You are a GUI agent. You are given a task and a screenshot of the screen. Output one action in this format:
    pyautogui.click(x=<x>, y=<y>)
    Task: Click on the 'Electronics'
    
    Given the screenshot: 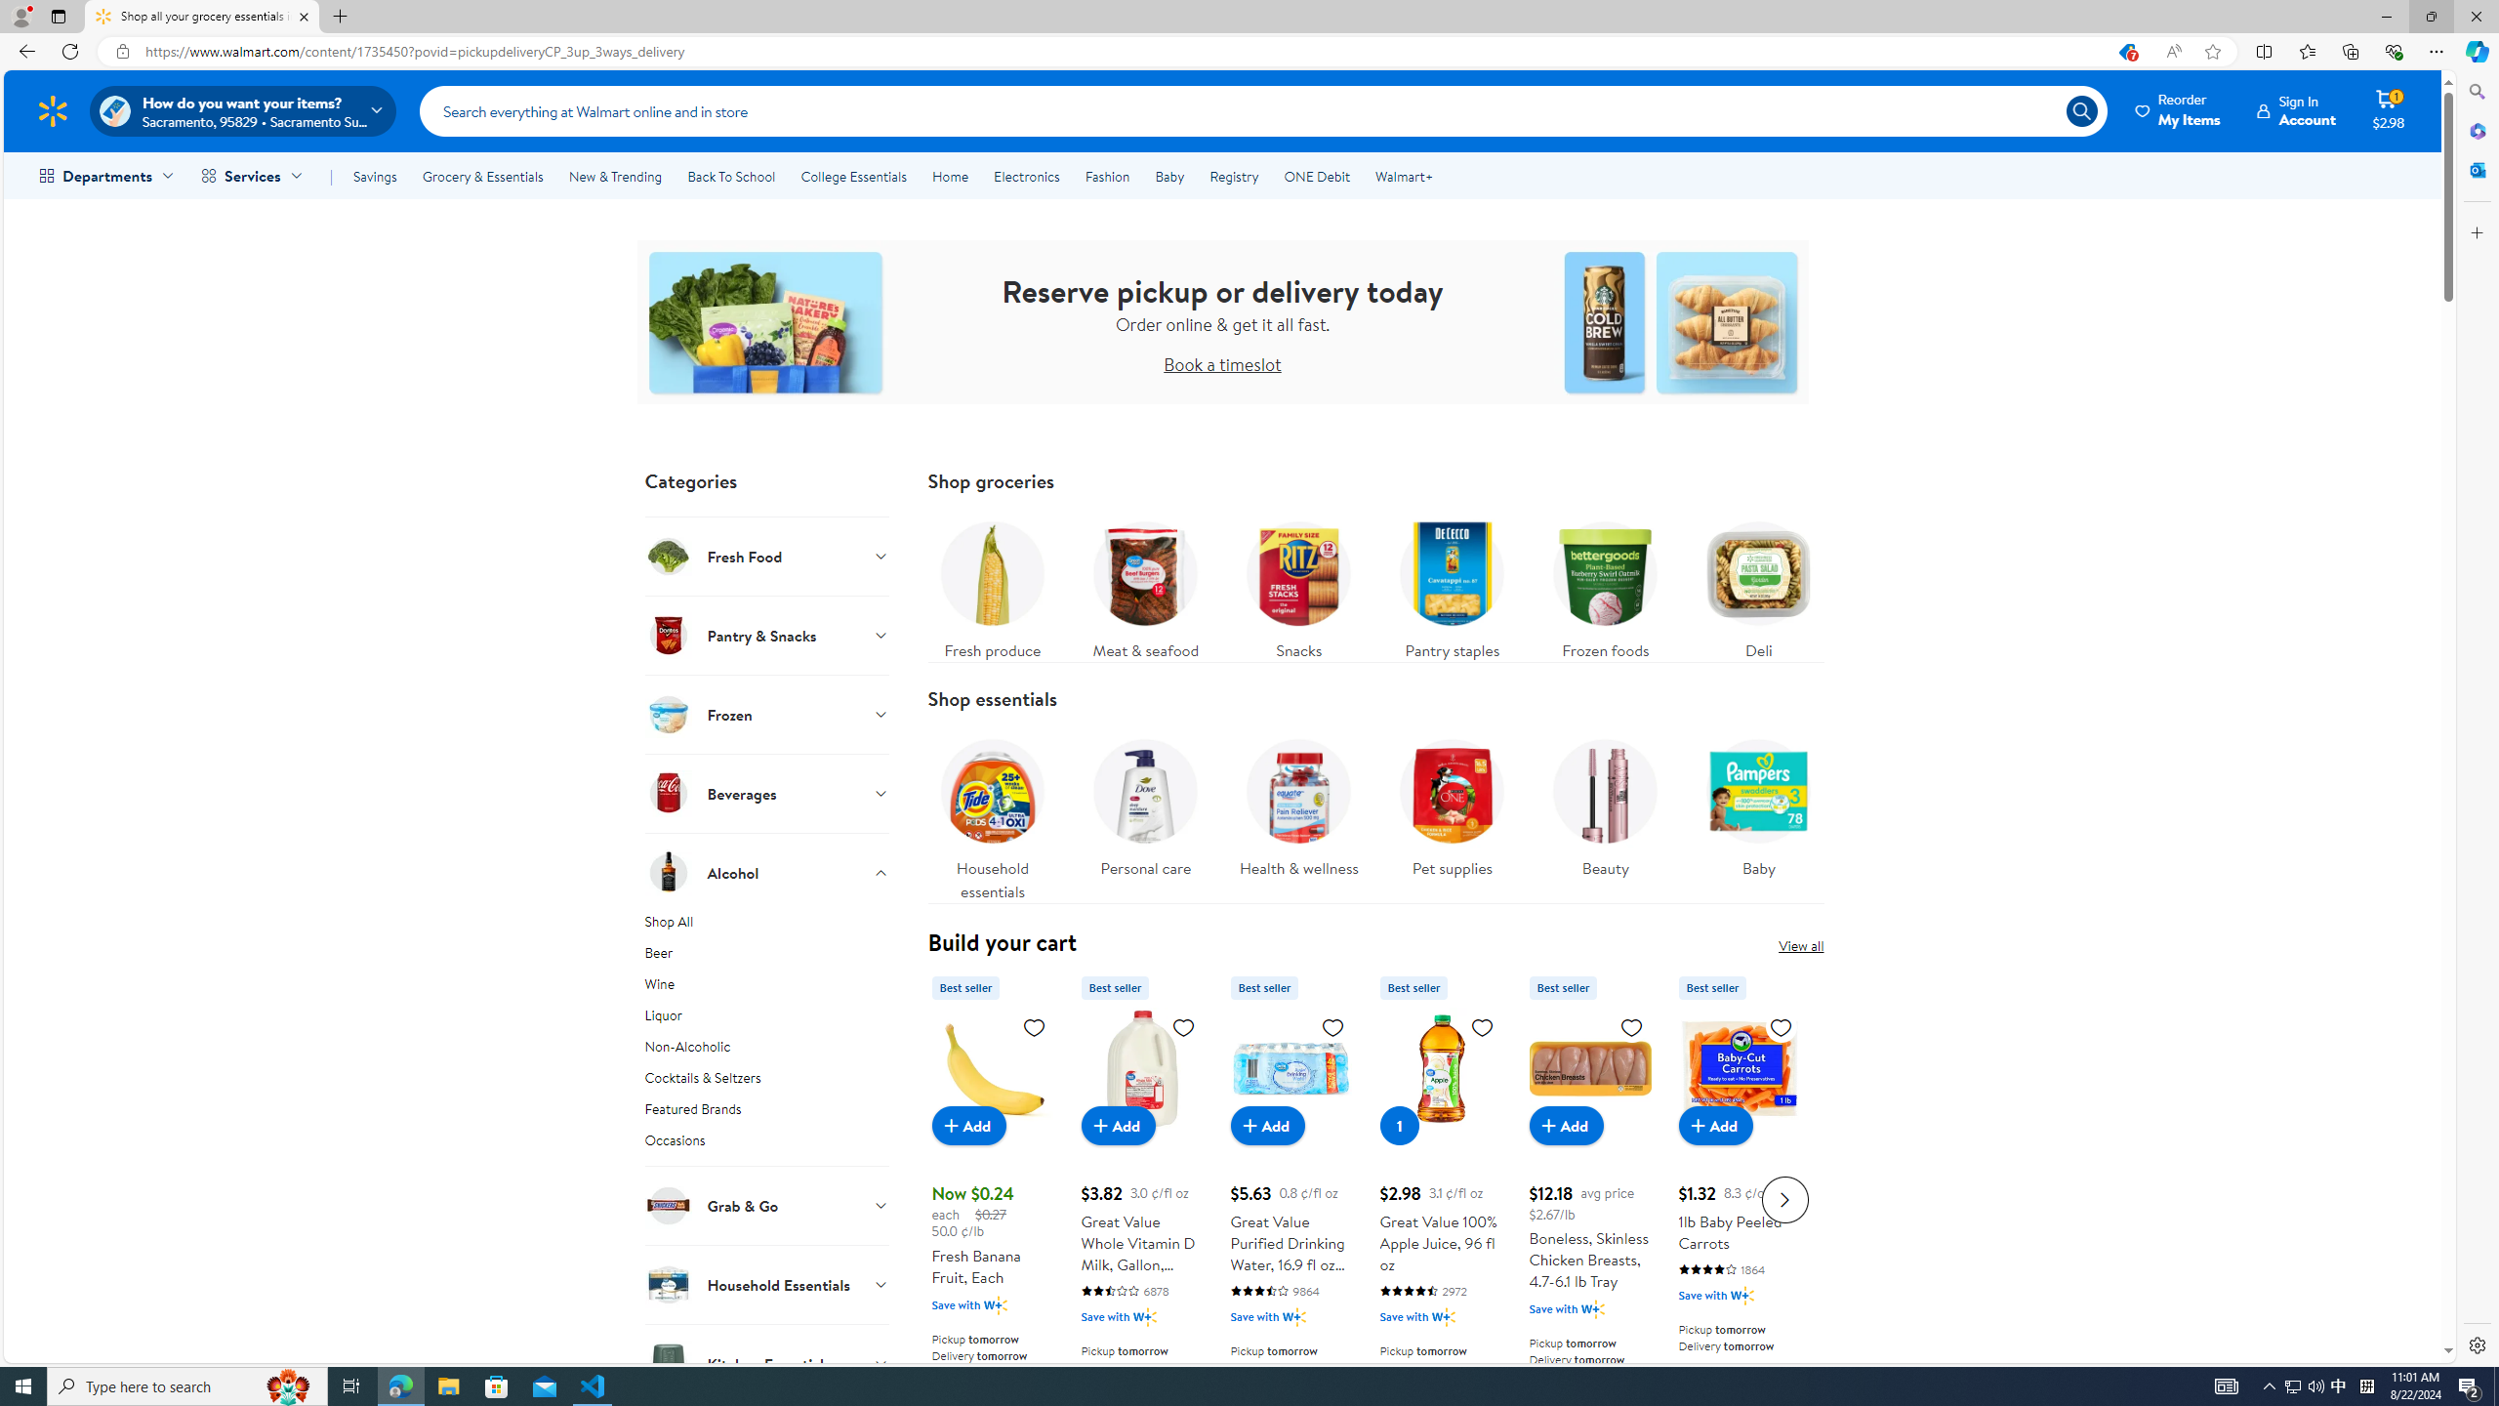 What is the action you would take?
    pyautogui.click(x=1026, y=176)
    